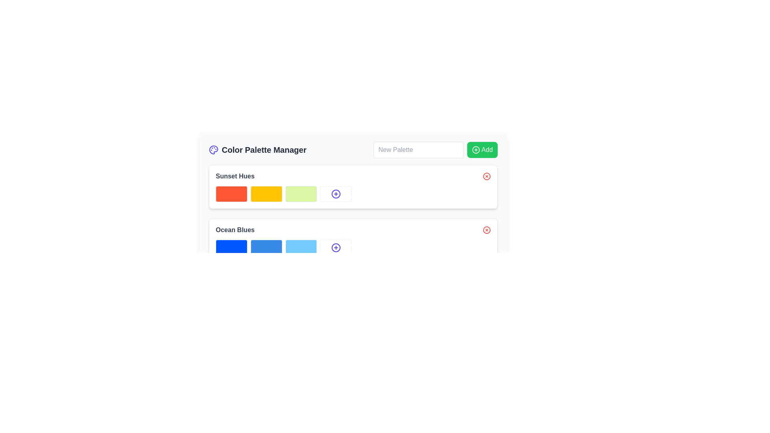 This screenshot has width=770, height=433. What do you see at coordinates (231, 194) in the screenshot?
I see `the first color swatch in the 'Sunset Hues' color palette, which represents a color option` at bounding box center [231, 194].